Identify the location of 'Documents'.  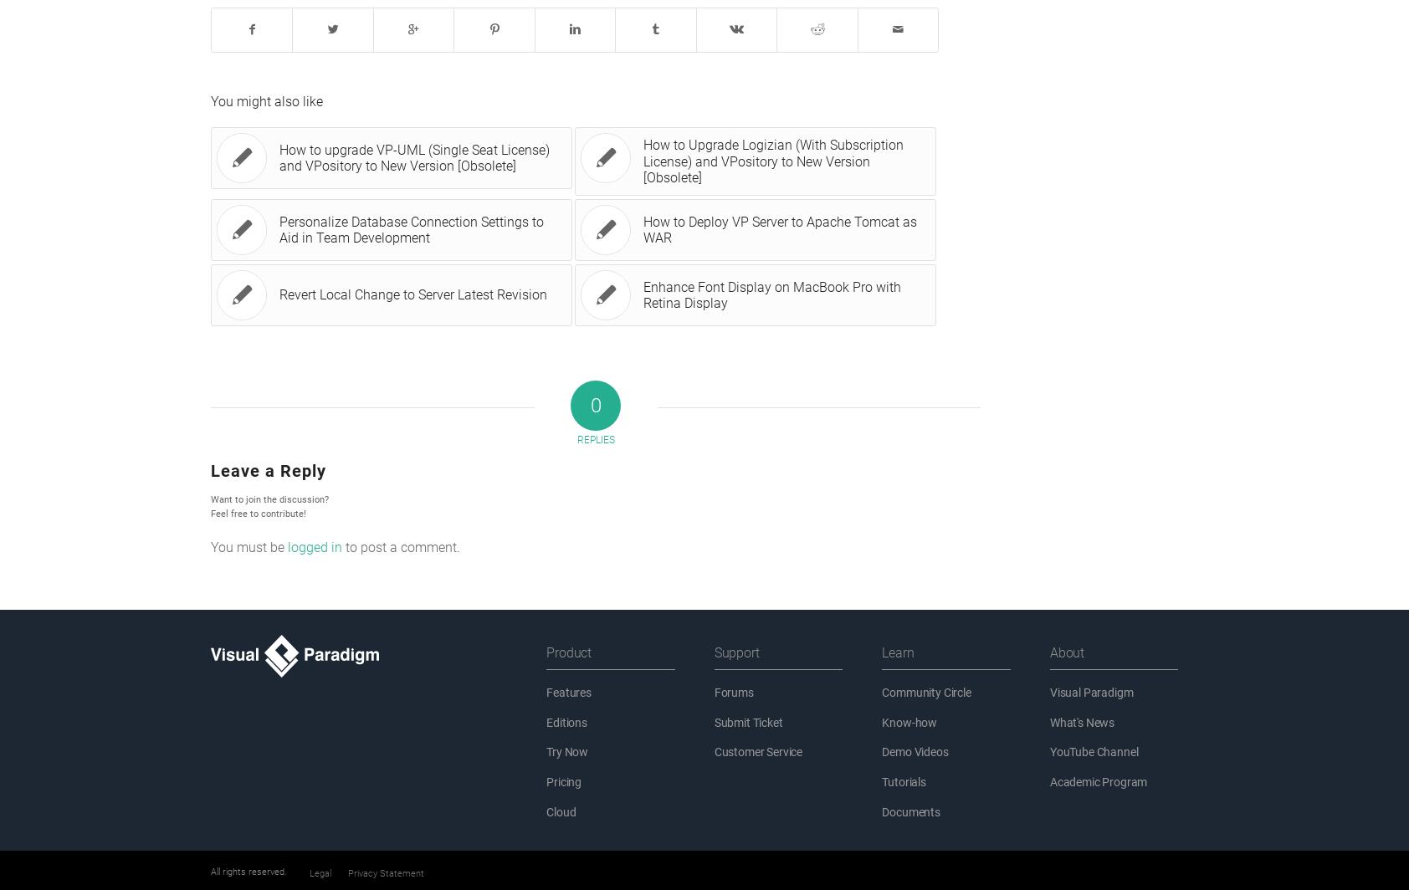
(910, 812).